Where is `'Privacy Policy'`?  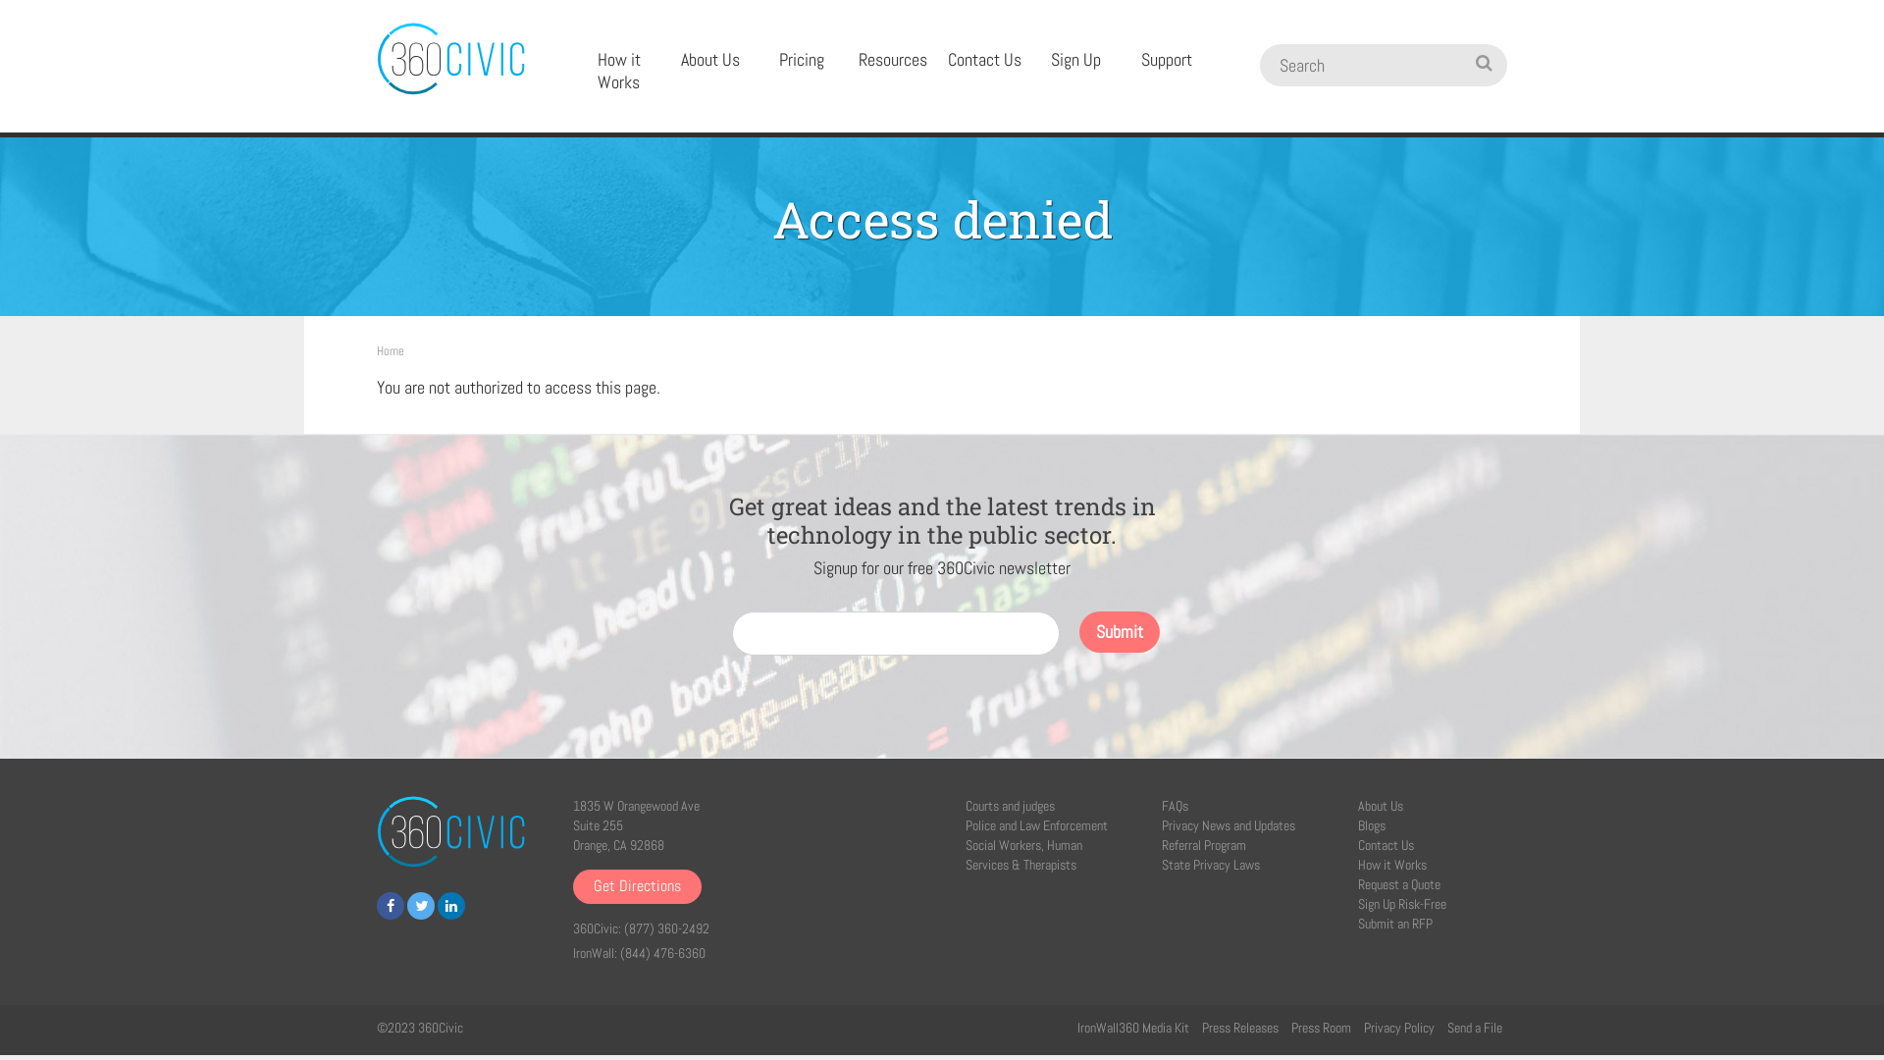
'Privacy Policy' is located at coordinates (1397, 1026).